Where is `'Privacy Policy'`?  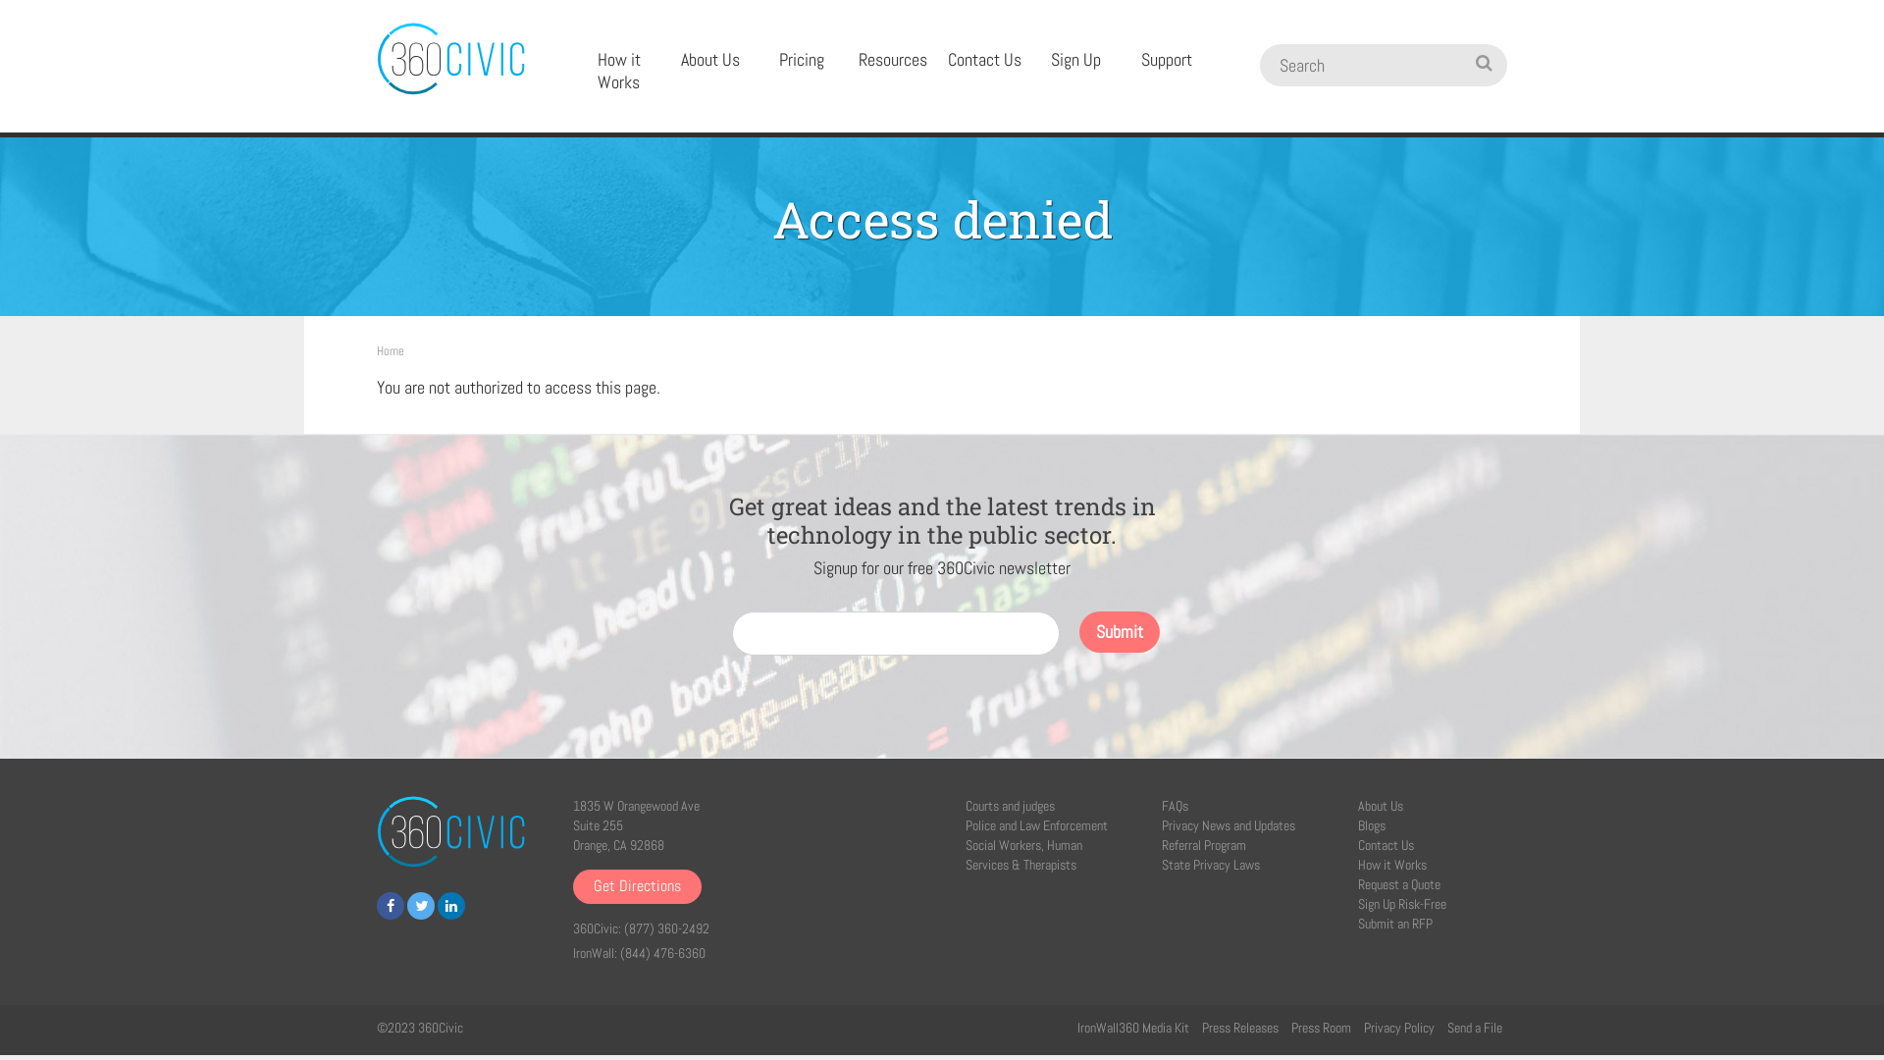
'Privacy Policy' is located at coordinates (1397, 1026).